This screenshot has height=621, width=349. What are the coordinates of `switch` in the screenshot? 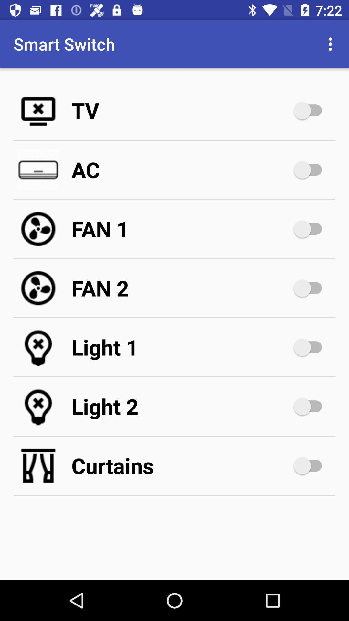 It's located at (311, 466).